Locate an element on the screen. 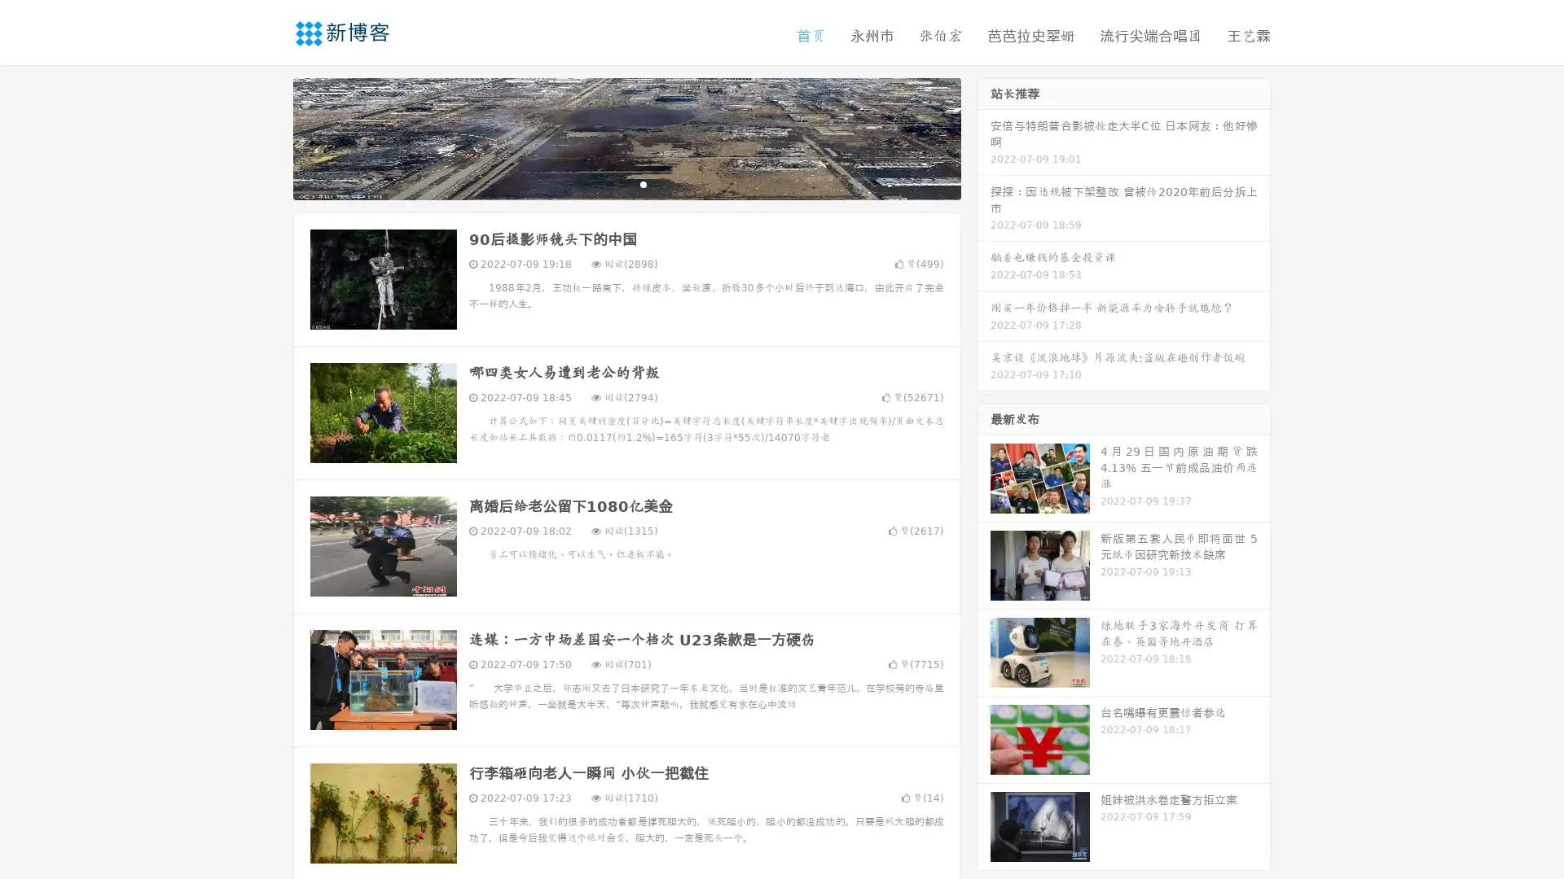  Next slide is located at coordinates (984, 137).